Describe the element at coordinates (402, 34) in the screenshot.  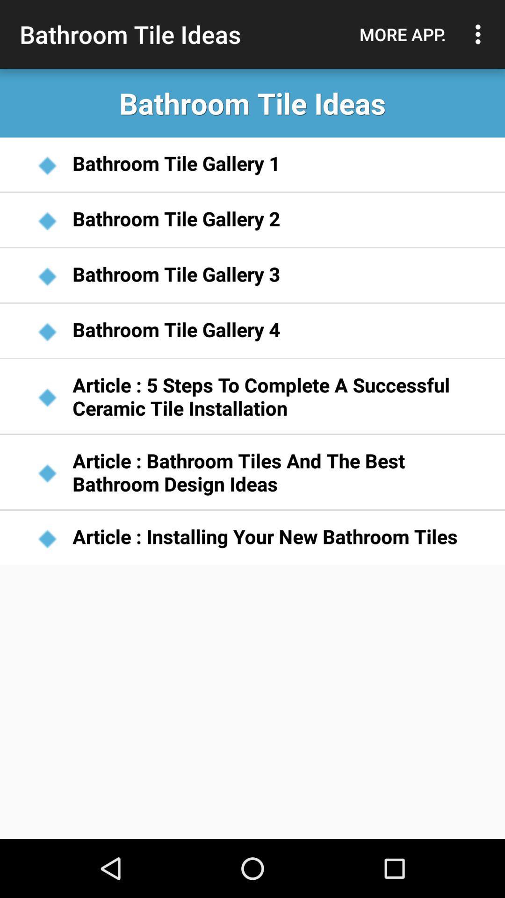
I see `app to the right of the bathroom tile ideas item` at that location.